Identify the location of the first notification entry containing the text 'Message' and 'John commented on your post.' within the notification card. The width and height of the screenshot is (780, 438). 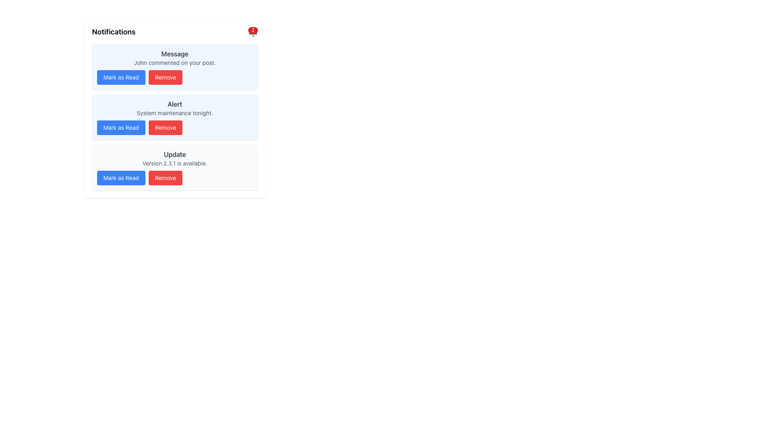
(174, 57).